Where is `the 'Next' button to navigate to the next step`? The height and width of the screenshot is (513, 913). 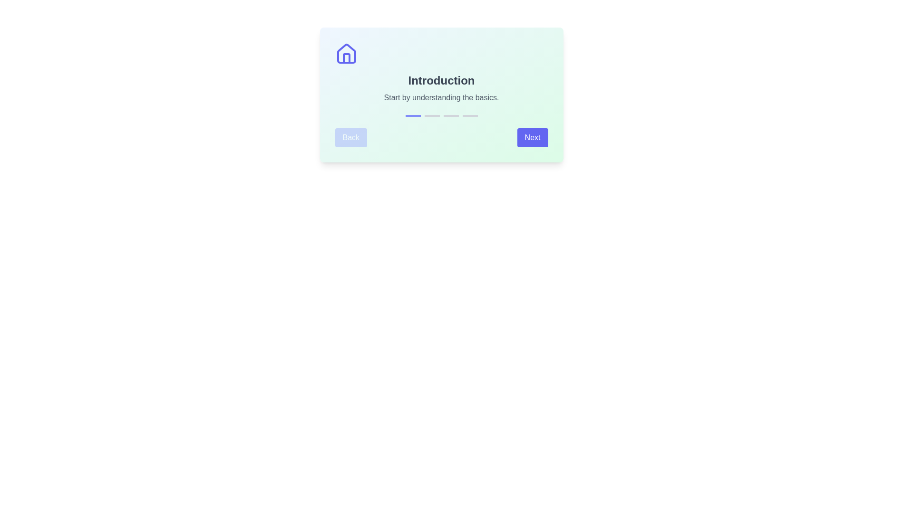
the 'Next' button to navigate to the next step is located at coordinates (532, 137).